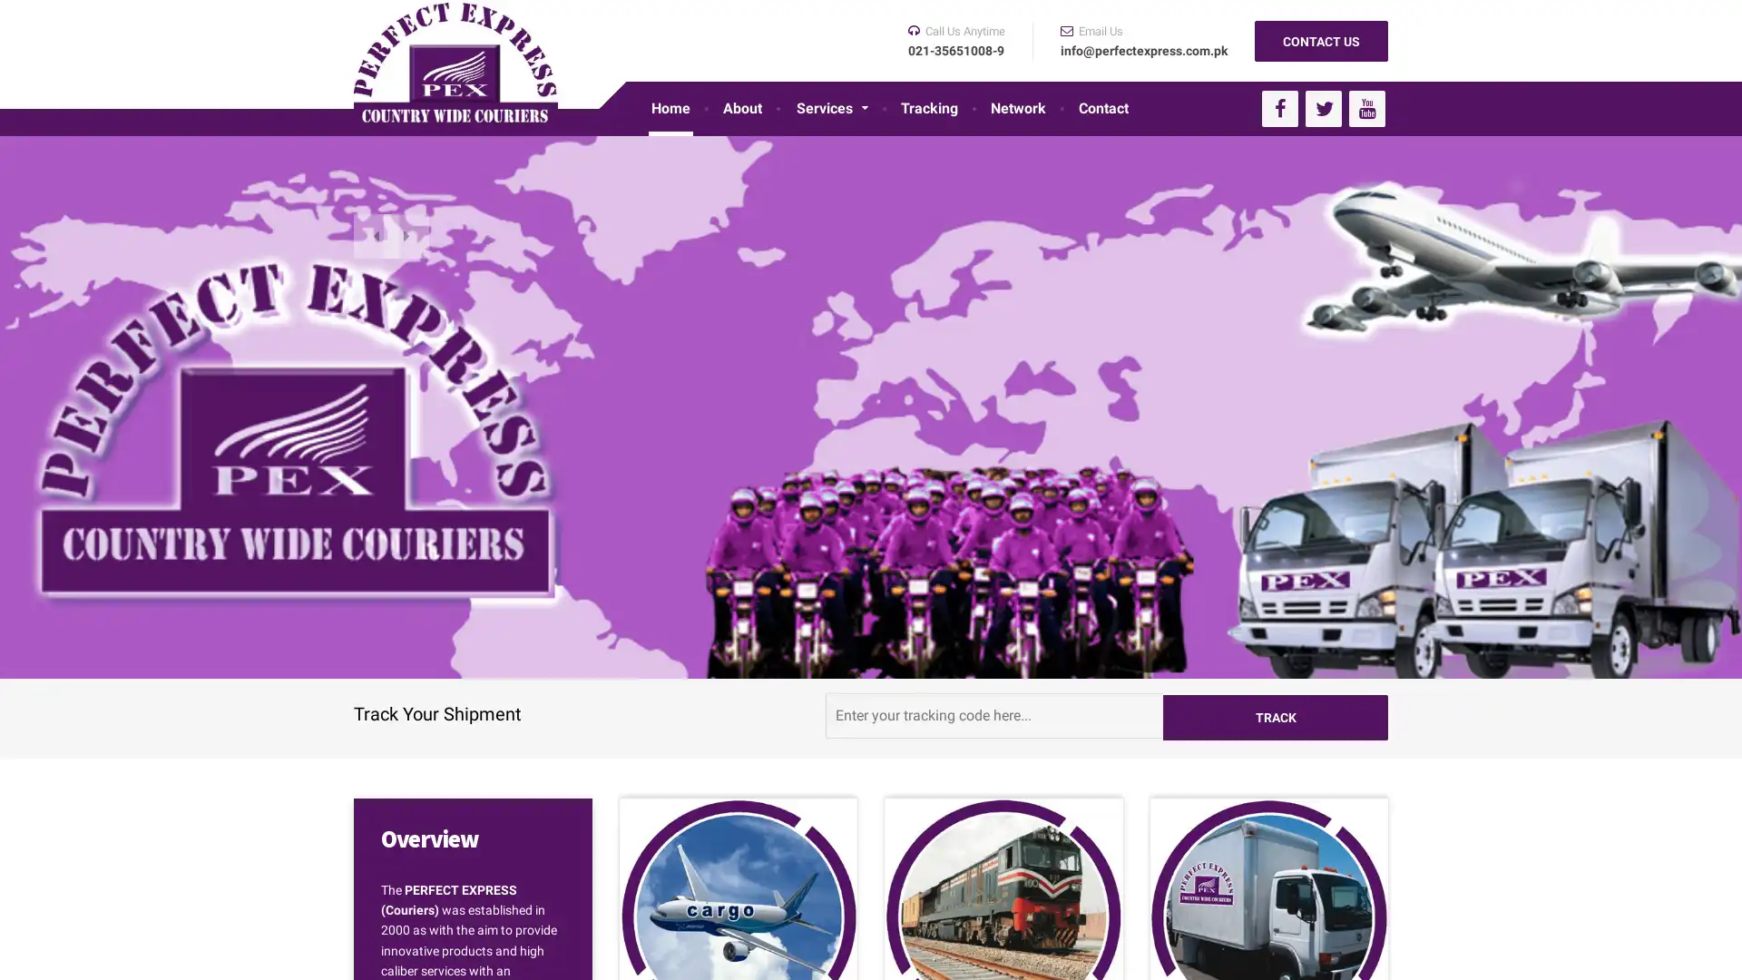 This screenshot has height=980, width=1742. I want to click on TRACK, so click(1275, 713).